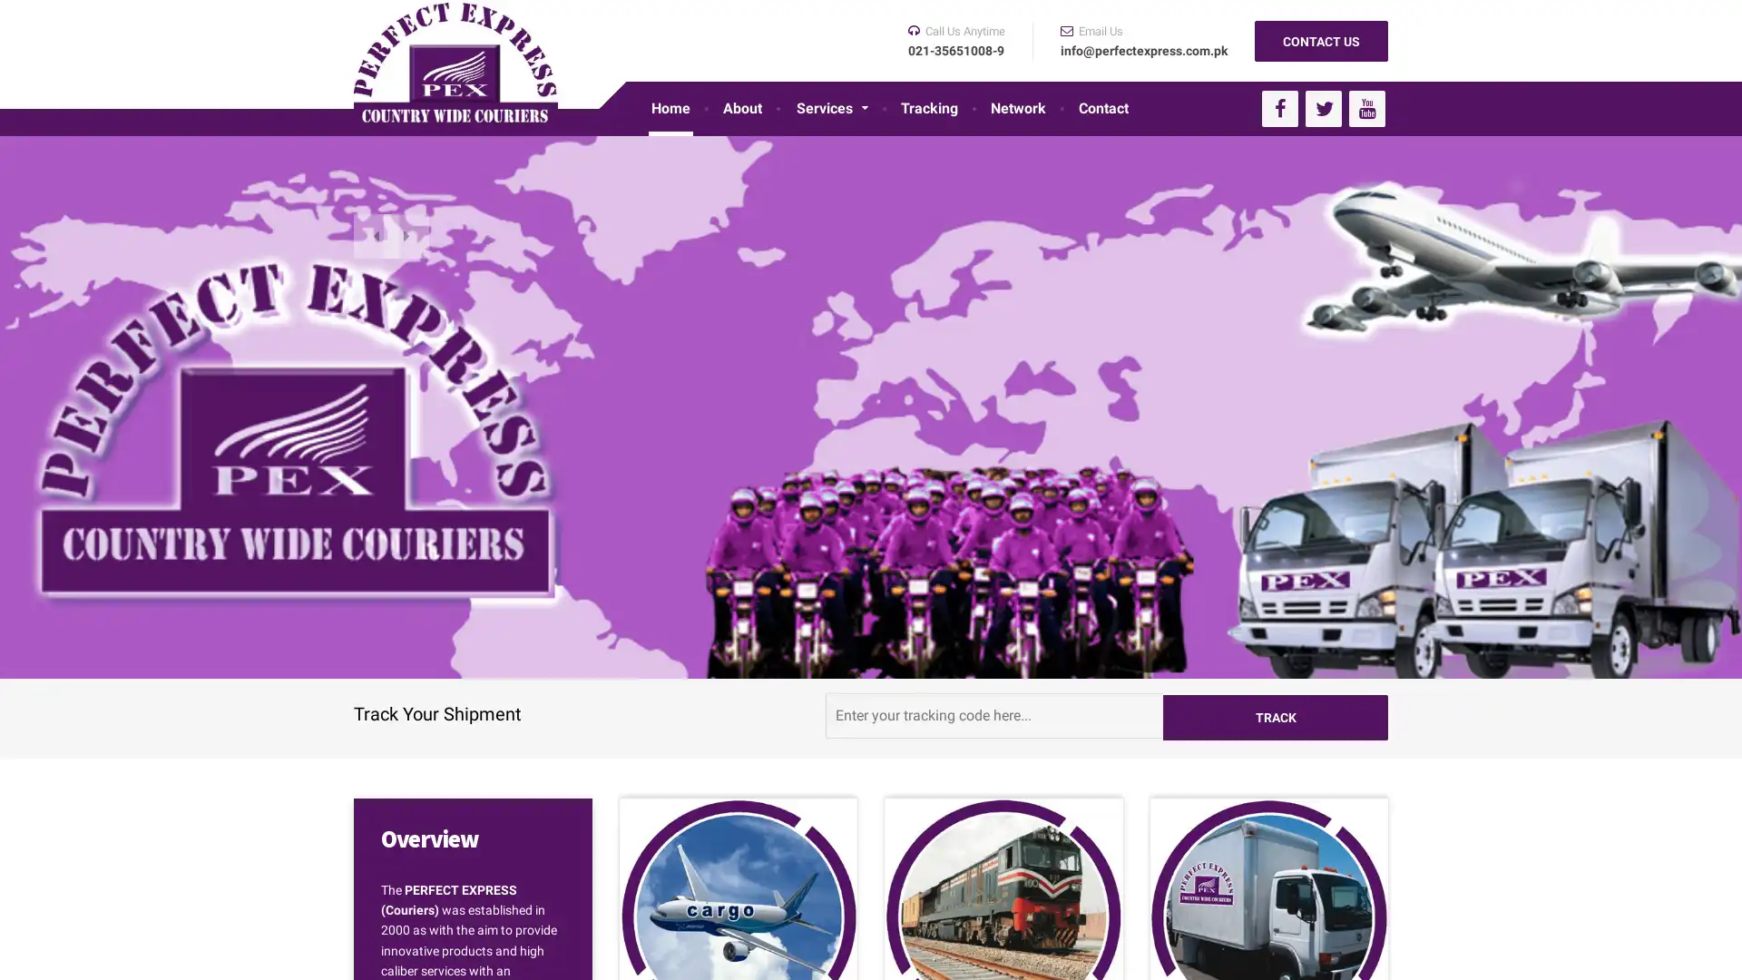 This screenshot has height=980, width=1742. I want to click on TRACK, so click(1275, 713).